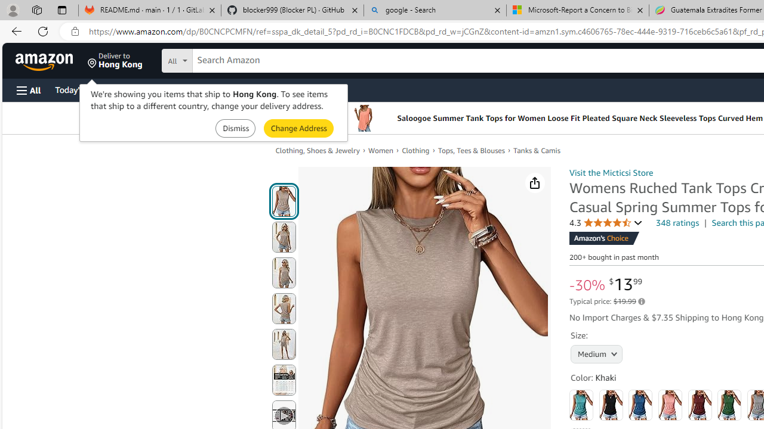 This screenshot has height=429, width=764. Describe the element at coordinates (700, 405) in the screenshot. I see `'Dark Red'` at that location.